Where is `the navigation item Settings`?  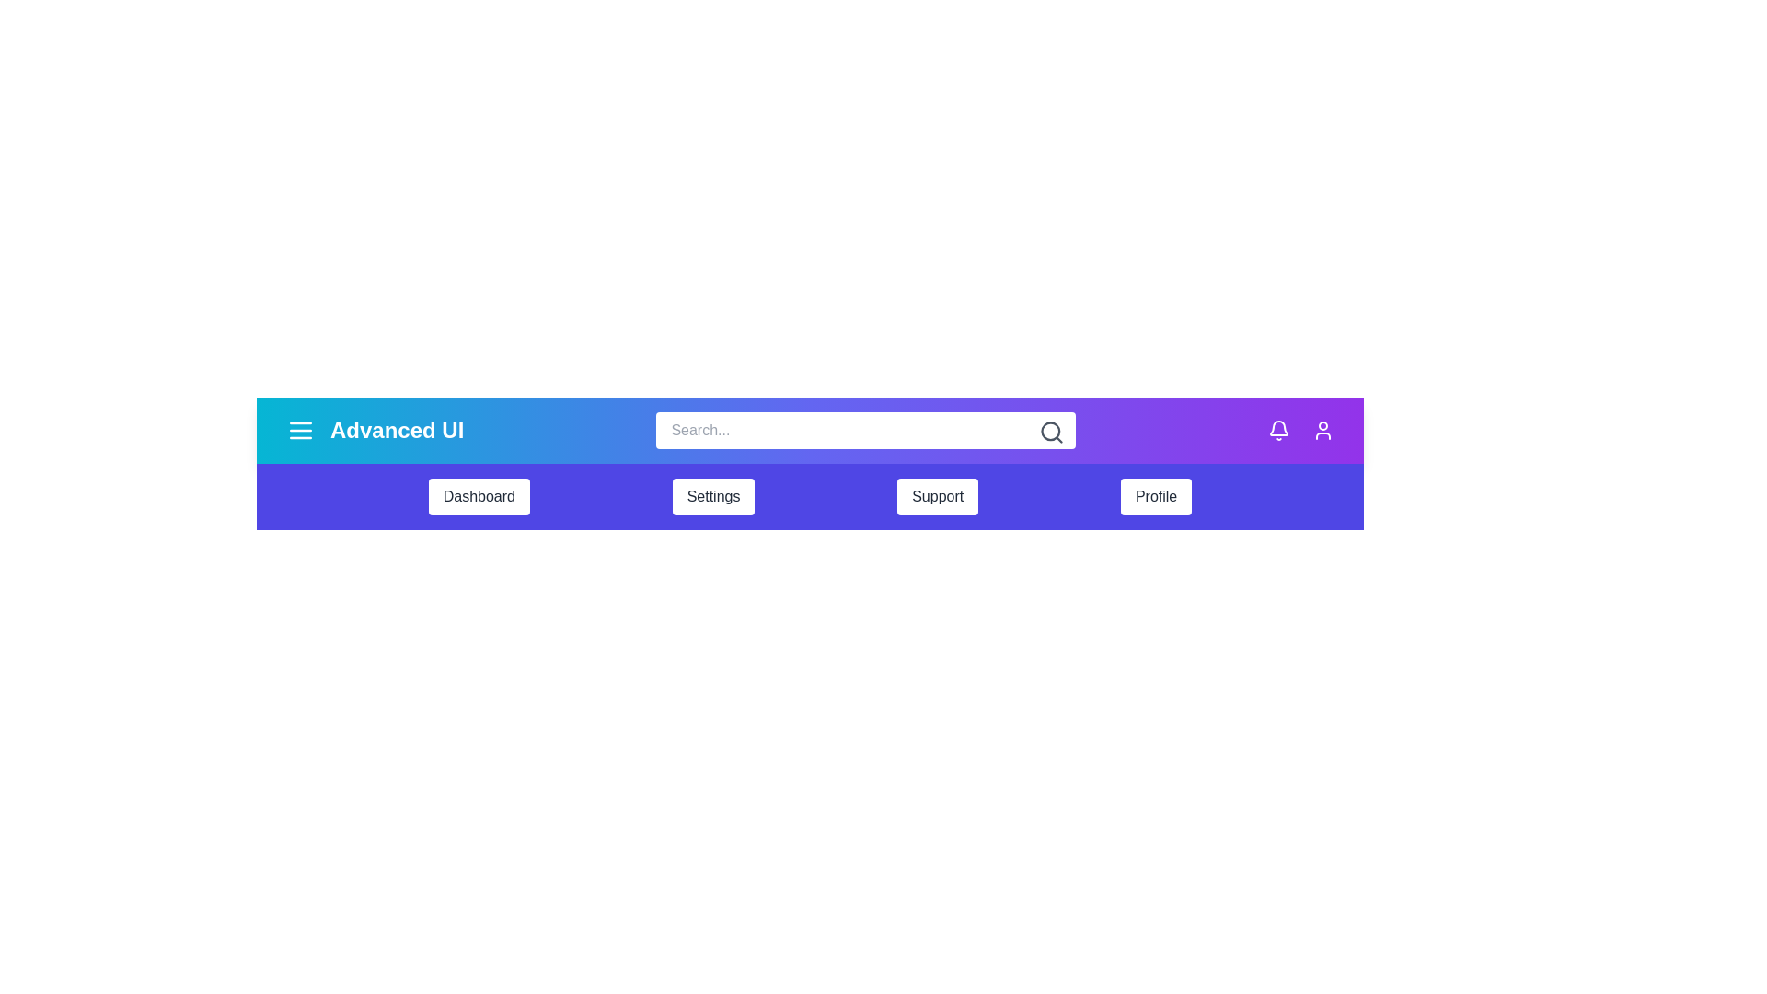 the navigation item Settings is located at coordinates (712, 497).